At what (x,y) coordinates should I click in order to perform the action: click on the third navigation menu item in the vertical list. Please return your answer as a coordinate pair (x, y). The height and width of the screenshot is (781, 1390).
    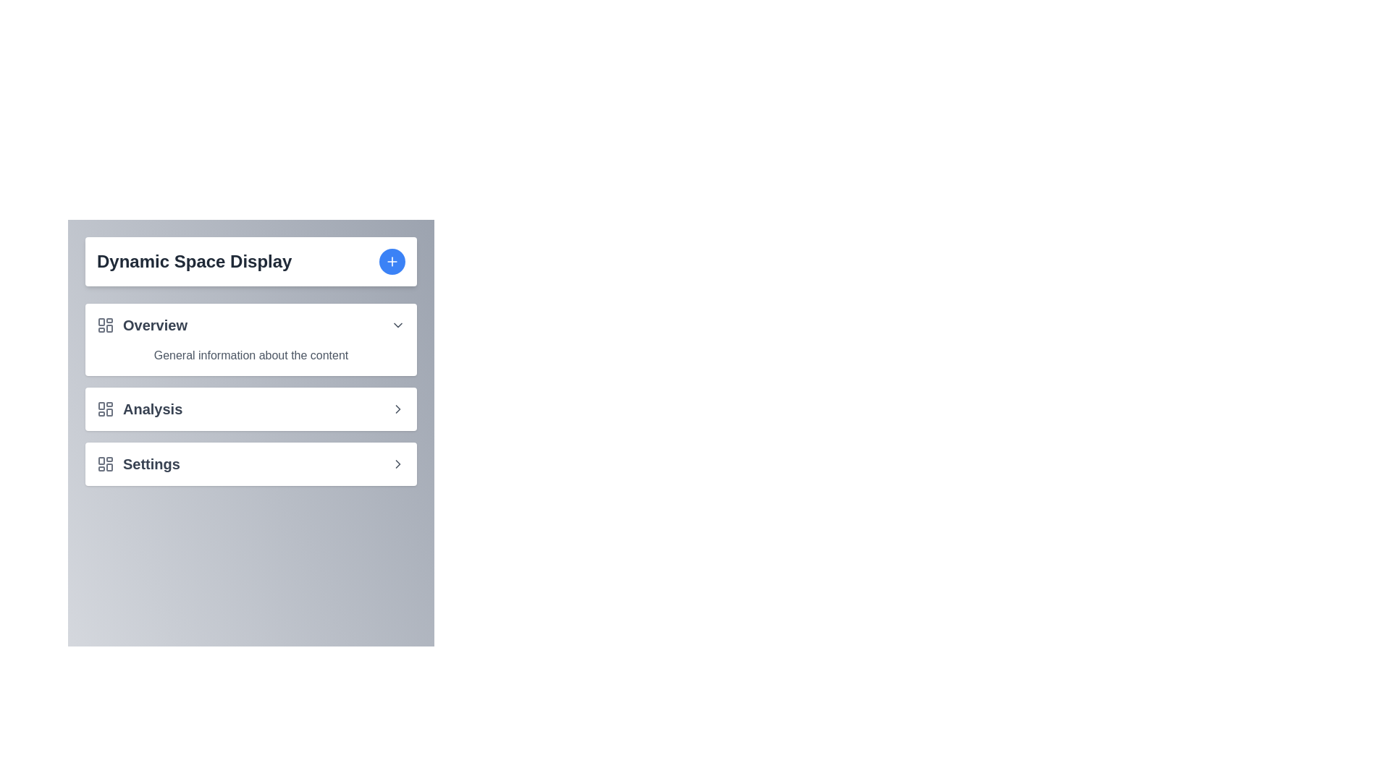
    Looking at the image, I should click on (250, 464).